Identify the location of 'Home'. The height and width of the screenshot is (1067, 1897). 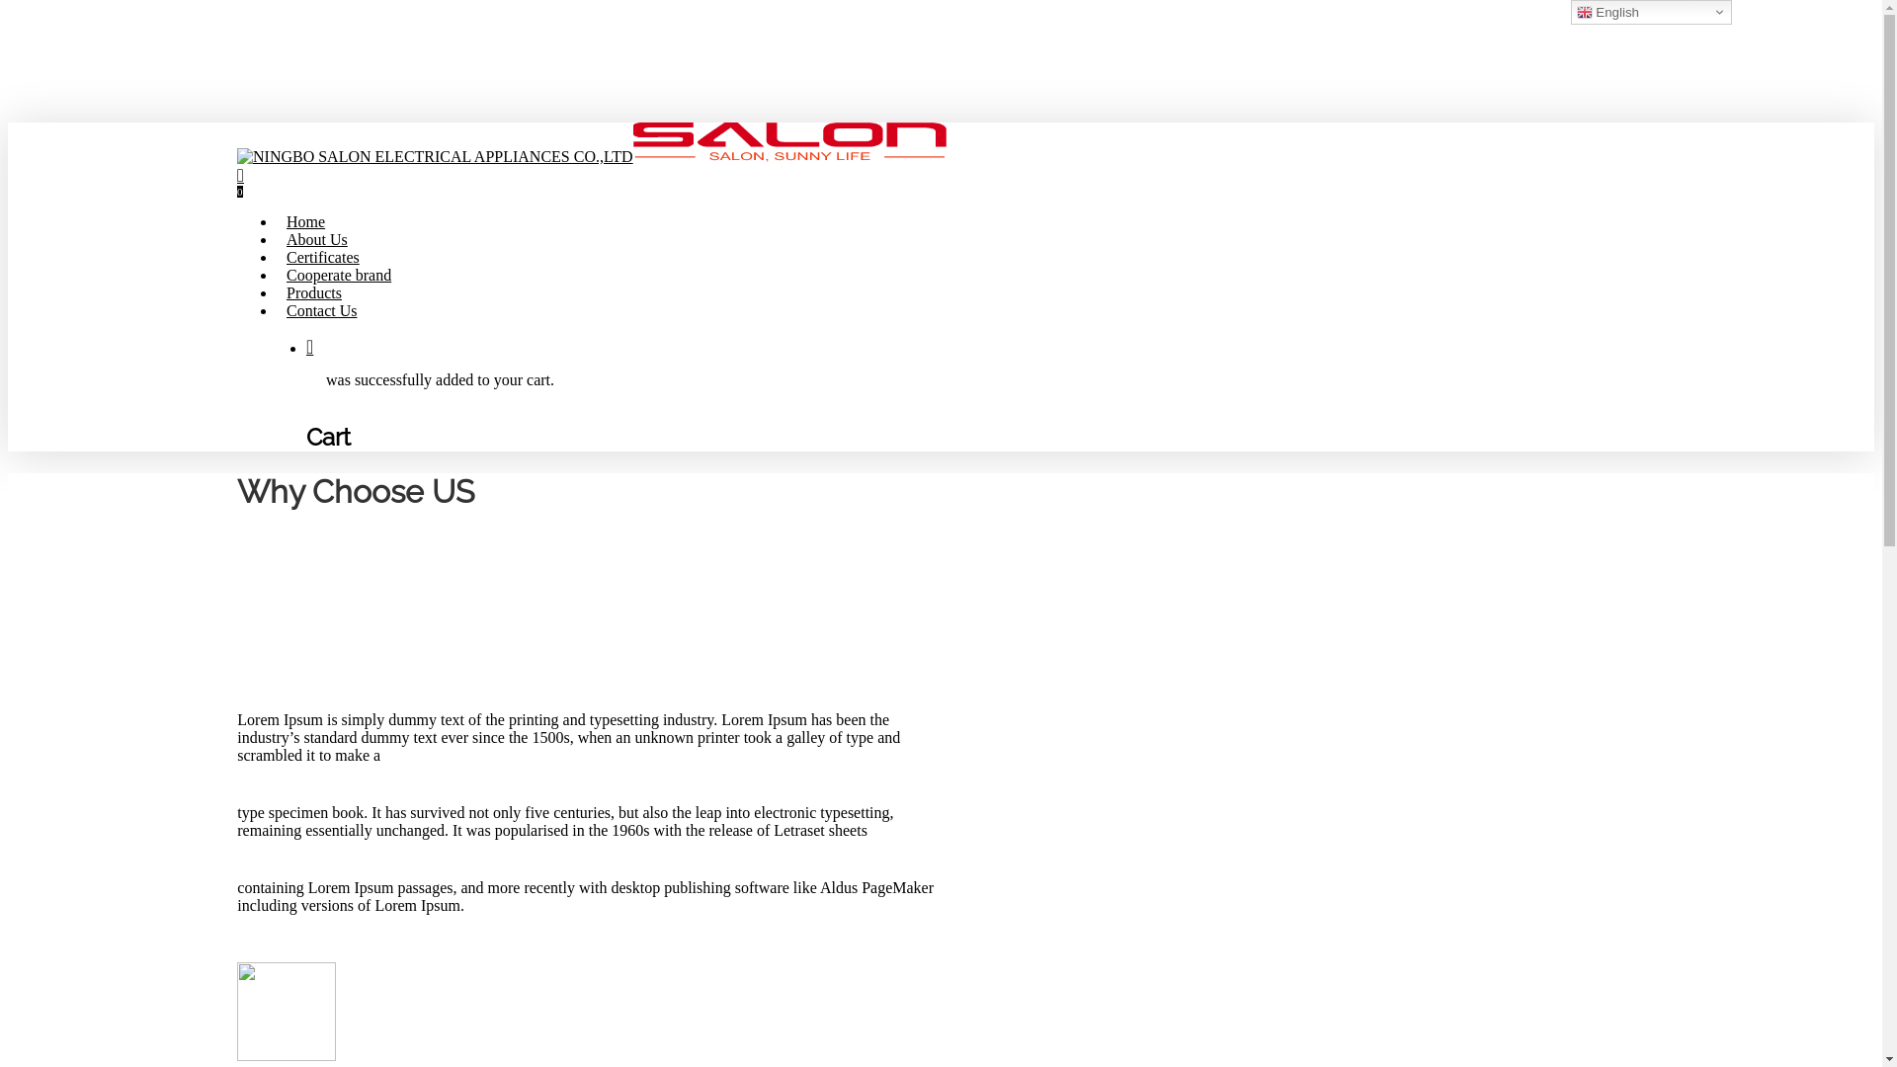
(285, 221).